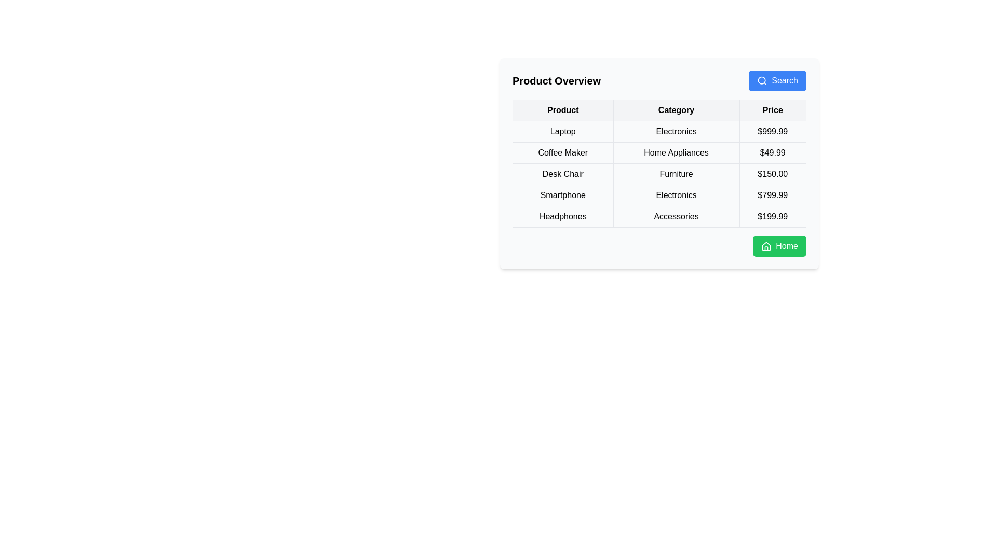  What do you see at coordinates (773, 173) in the screenshot?
I see `the Text Label displaying the price $150.00 for the Desk Chair in the third row and third column of the table under the 'Price' header` at bounding box center [773, 173].